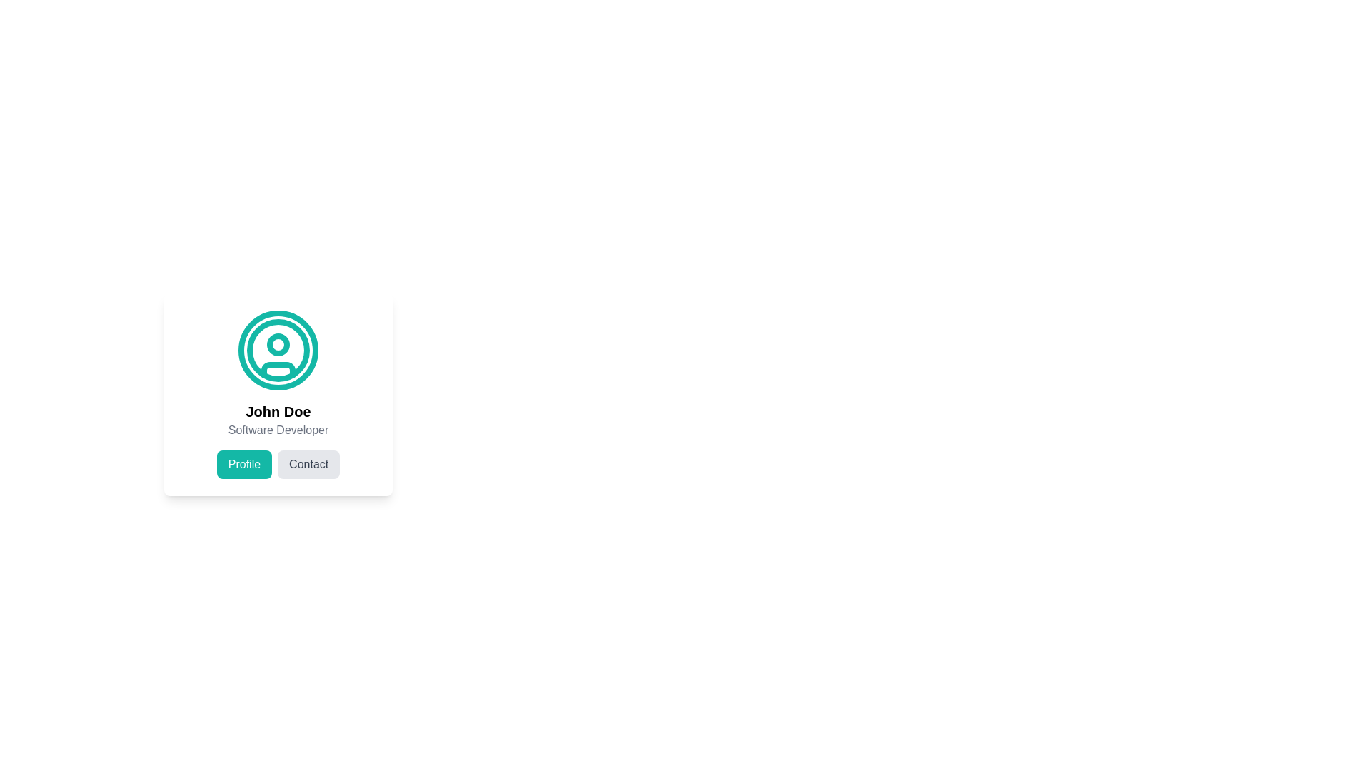 This screenshot has height=771, width=1371. Describe the element at coordinates (243, 465) in the screenshot. I see `the 'Profile' button, which is a rounded rectangular button with white text on a teal background, located under the user's profile picture and name` at that location.